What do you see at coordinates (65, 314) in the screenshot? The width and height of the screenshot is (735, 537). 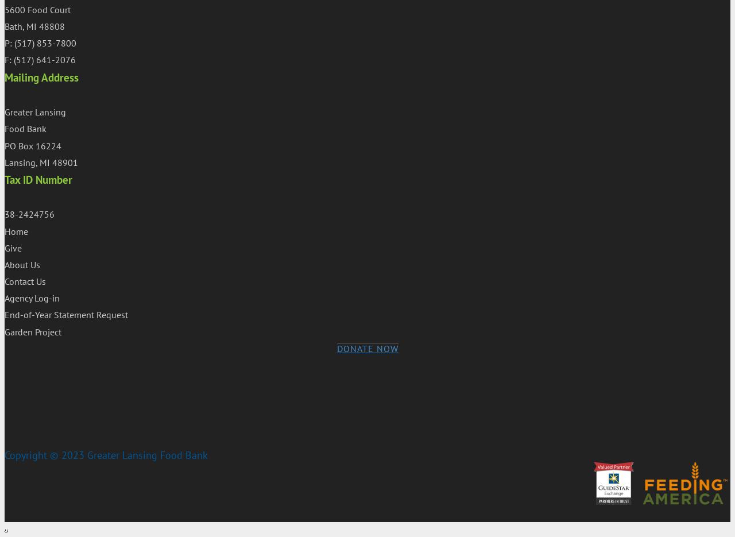 I see `'End-of-Year Statement Request'` at bounding box center [65, 314].